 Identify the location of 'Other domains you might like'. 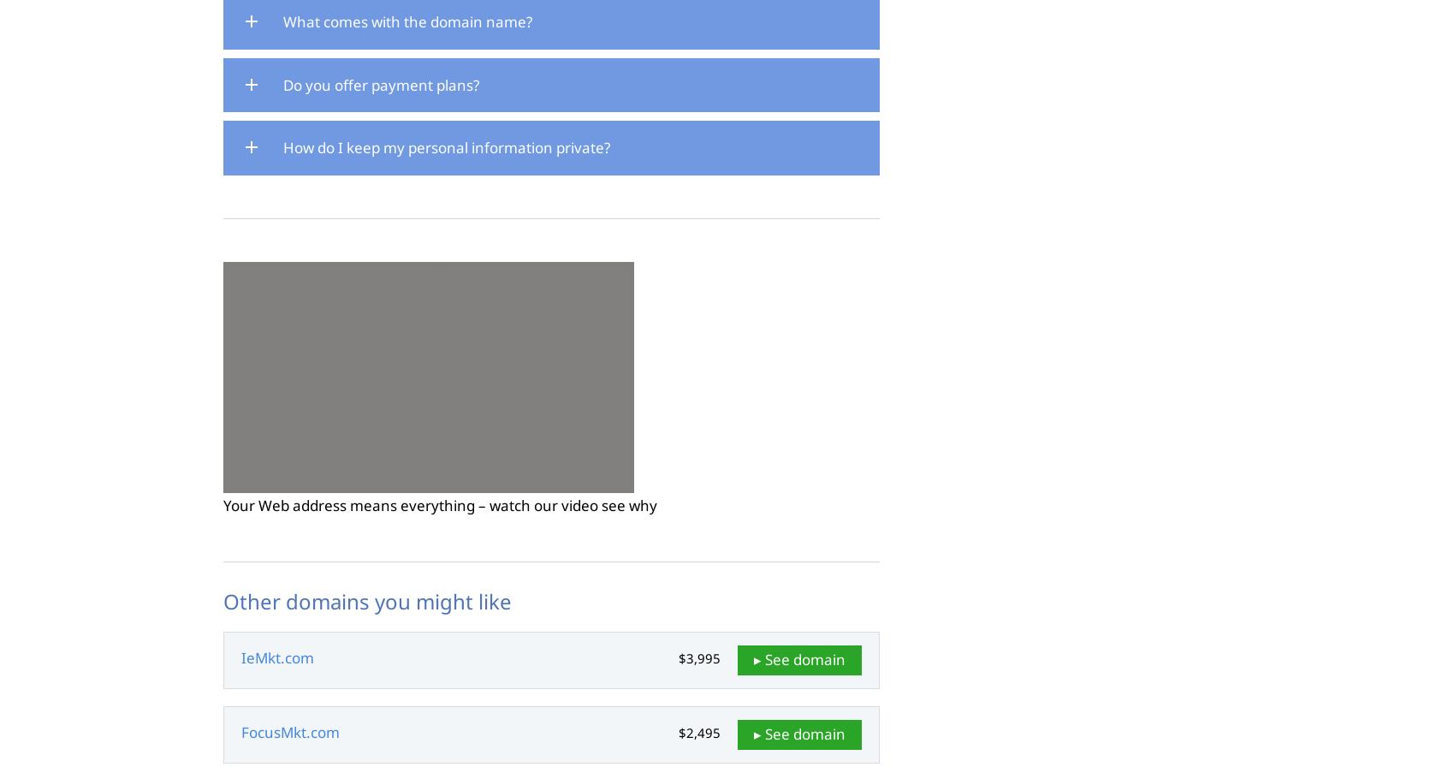
(366, 599).